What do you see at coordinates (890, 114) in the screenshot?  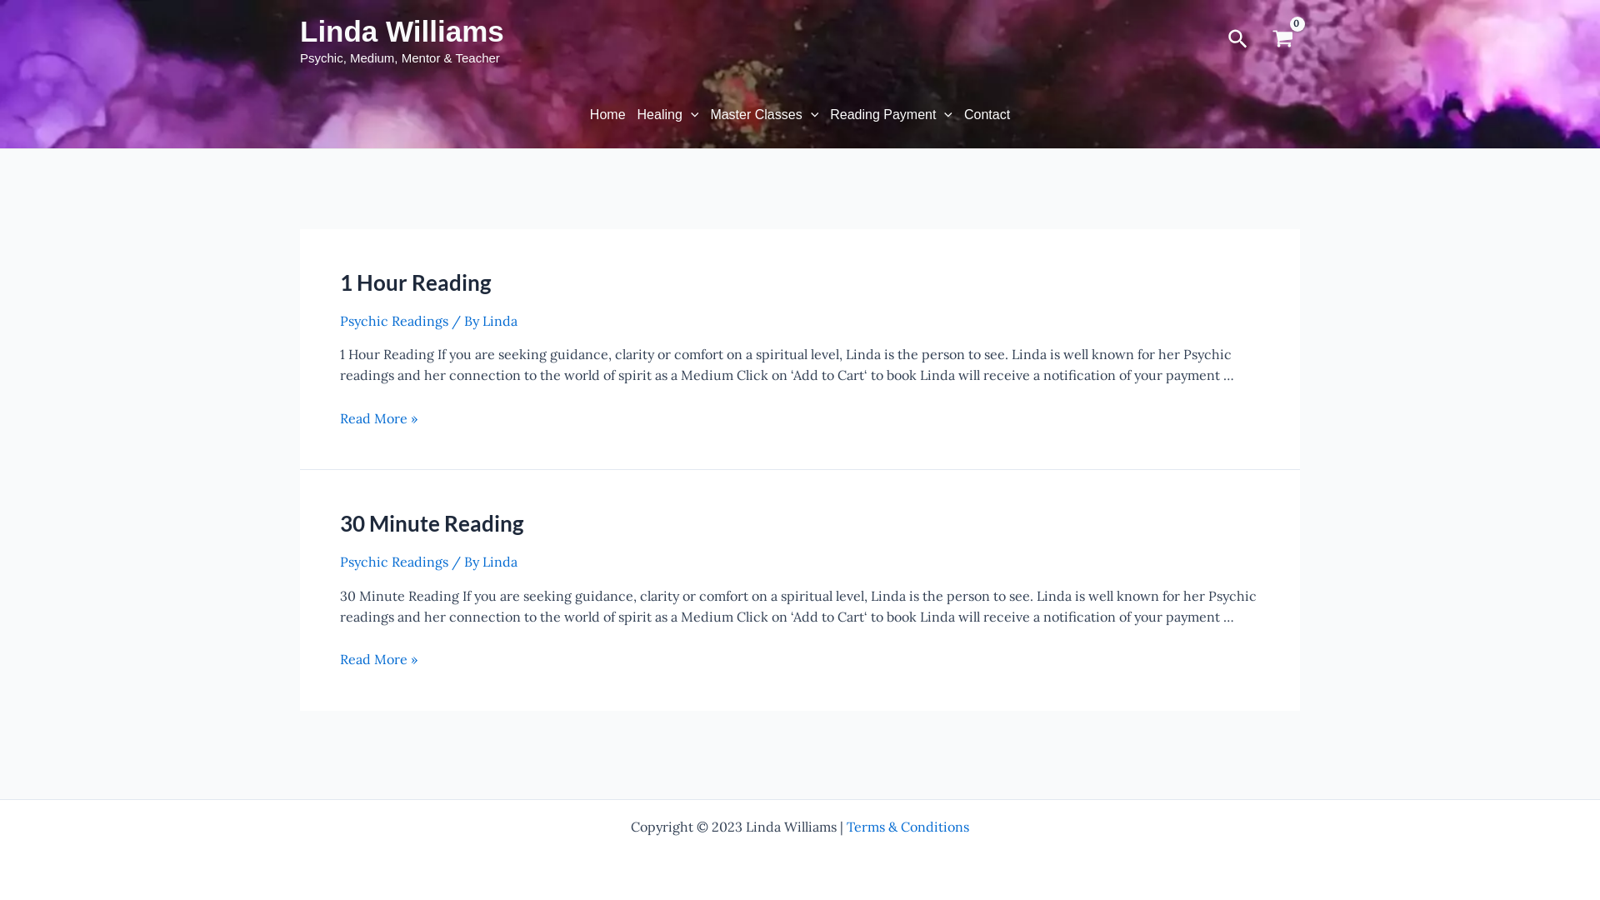 I see `'Reading Payment'` at bounding box center [890, 114].